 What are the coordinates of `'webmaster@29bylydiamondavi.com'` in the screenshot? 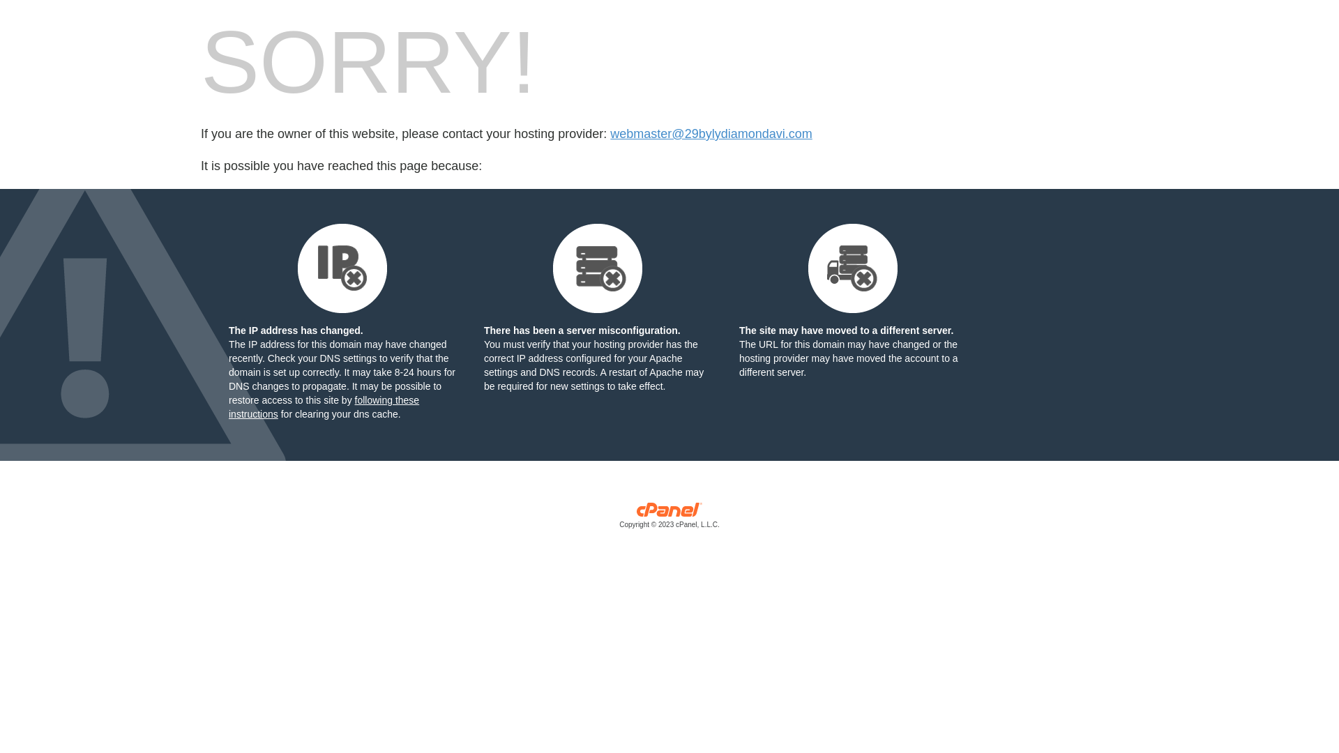 It's located at (711, 134).